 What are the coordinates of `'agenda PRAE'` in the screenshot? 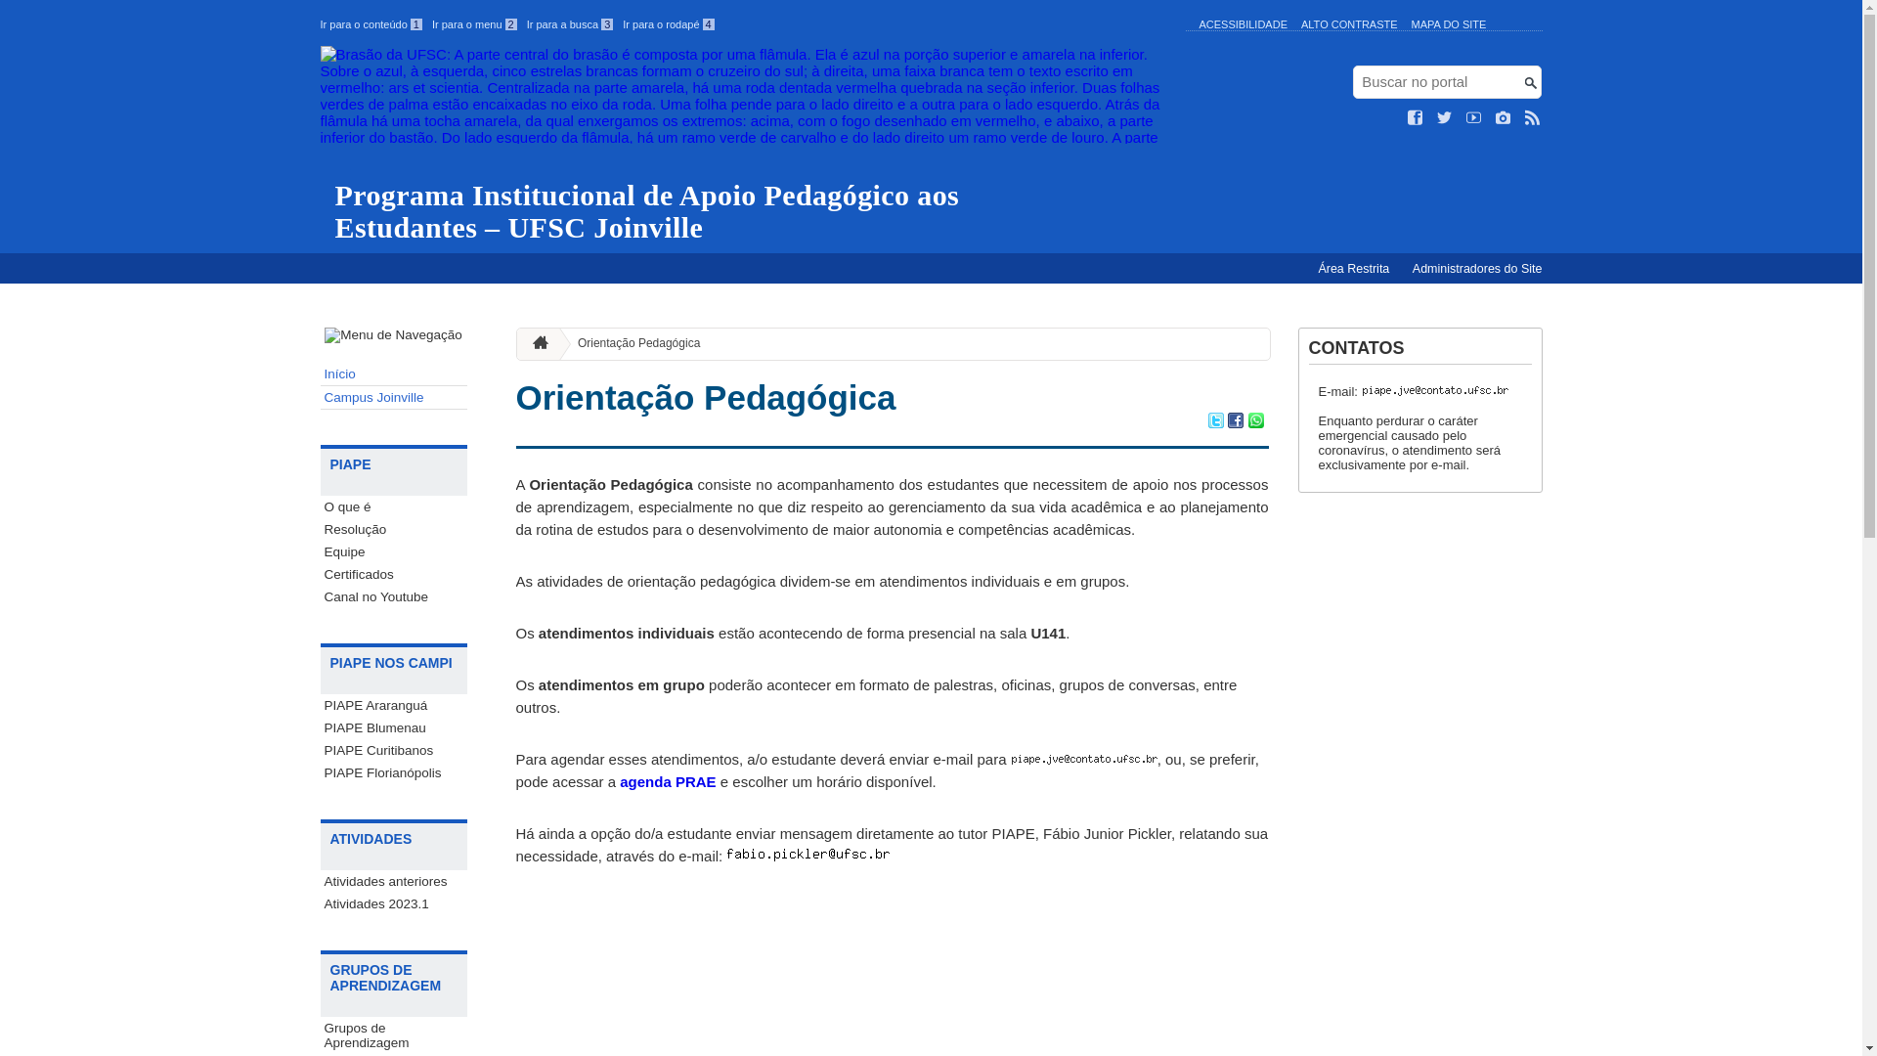 It's located at (667, 780).